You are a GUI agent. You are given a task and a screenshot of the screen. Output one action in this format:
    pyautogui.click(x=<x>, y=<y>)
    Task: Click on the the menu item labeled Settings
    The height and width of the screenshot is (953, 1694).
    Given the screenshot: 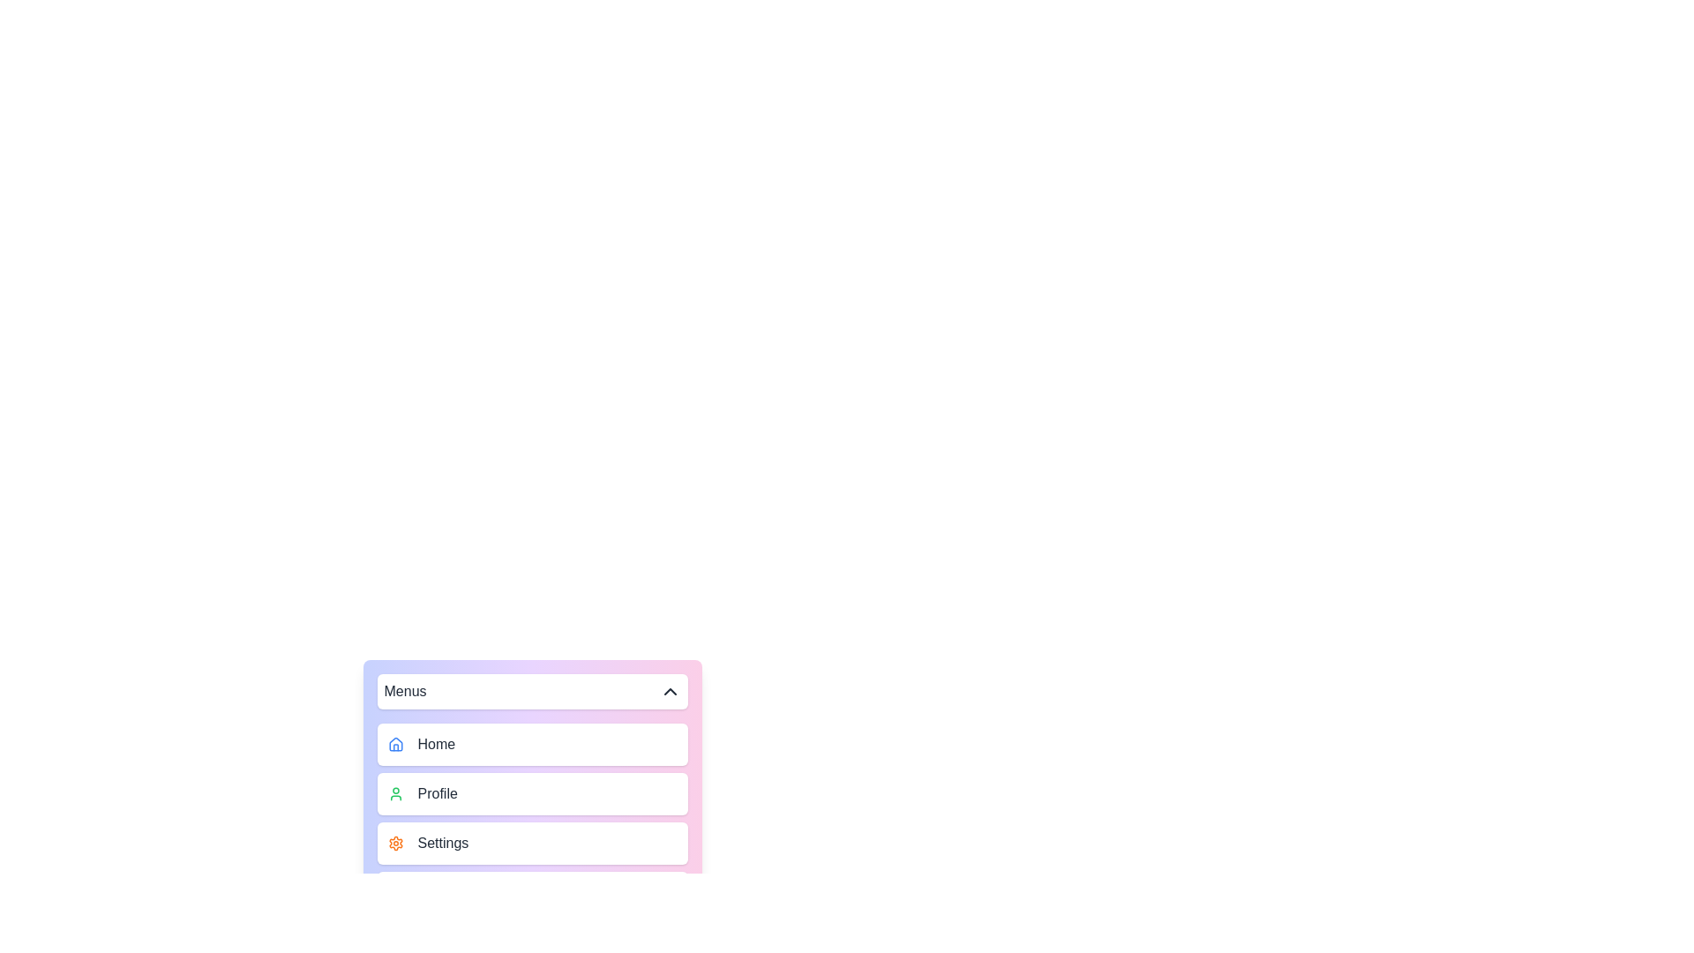 What is the action you would take?
    pyautogui.click(x=531, y=843)
    